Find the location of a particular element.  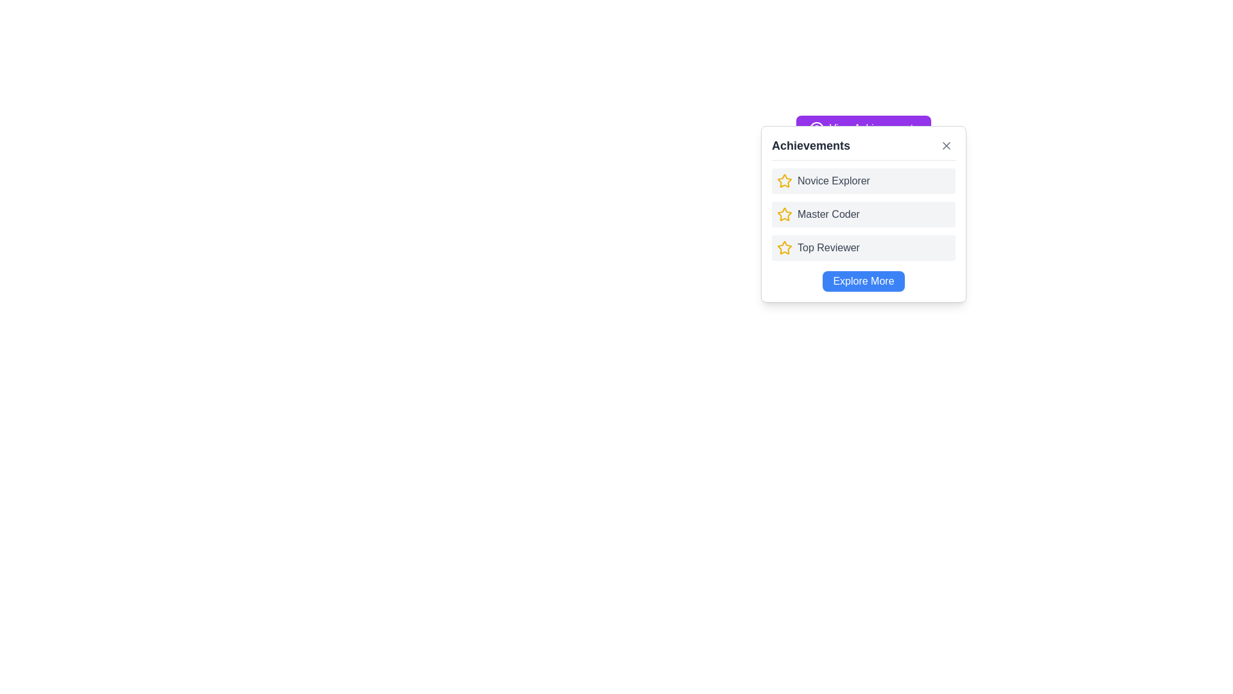

the second star-shaped icon outlined in yellow, which is located within the 'Achievements' popup box next to the entry labeled 'Master Coder' is located at coordinates (784, 181).